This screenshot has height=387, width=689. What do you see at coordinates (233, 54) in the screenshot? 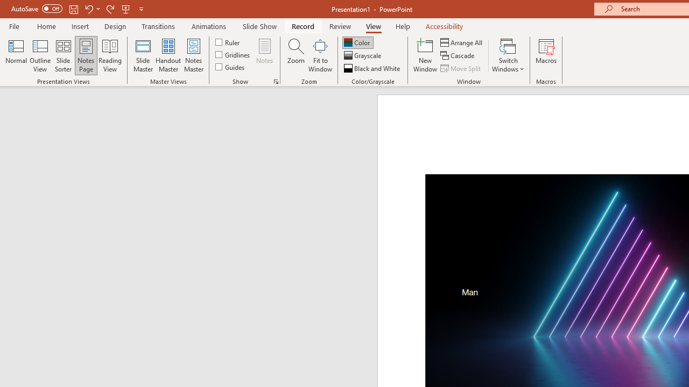
I see `'Gridlines'` at bounding box center [233, 54].